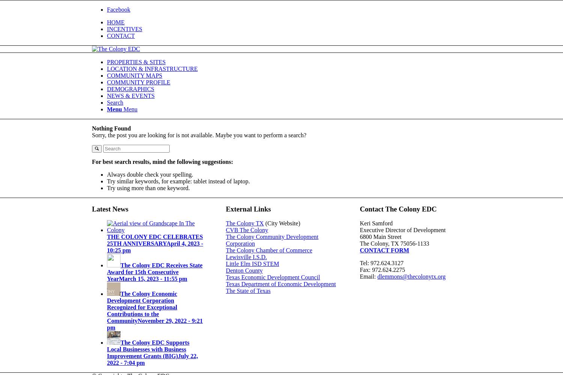 The height and width of the screenshot is (375, 563). I want to click on 'Facebook', so click(118, 9).